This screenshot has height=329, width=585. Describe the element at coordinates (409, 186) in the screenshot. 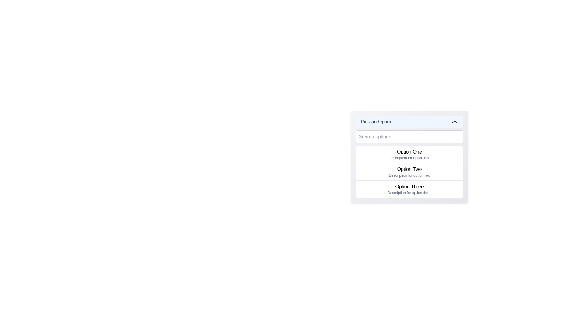

I see `the text label that reads 'Option Three', which is centrally positioned within the dropdown menu as the third option` at that location.